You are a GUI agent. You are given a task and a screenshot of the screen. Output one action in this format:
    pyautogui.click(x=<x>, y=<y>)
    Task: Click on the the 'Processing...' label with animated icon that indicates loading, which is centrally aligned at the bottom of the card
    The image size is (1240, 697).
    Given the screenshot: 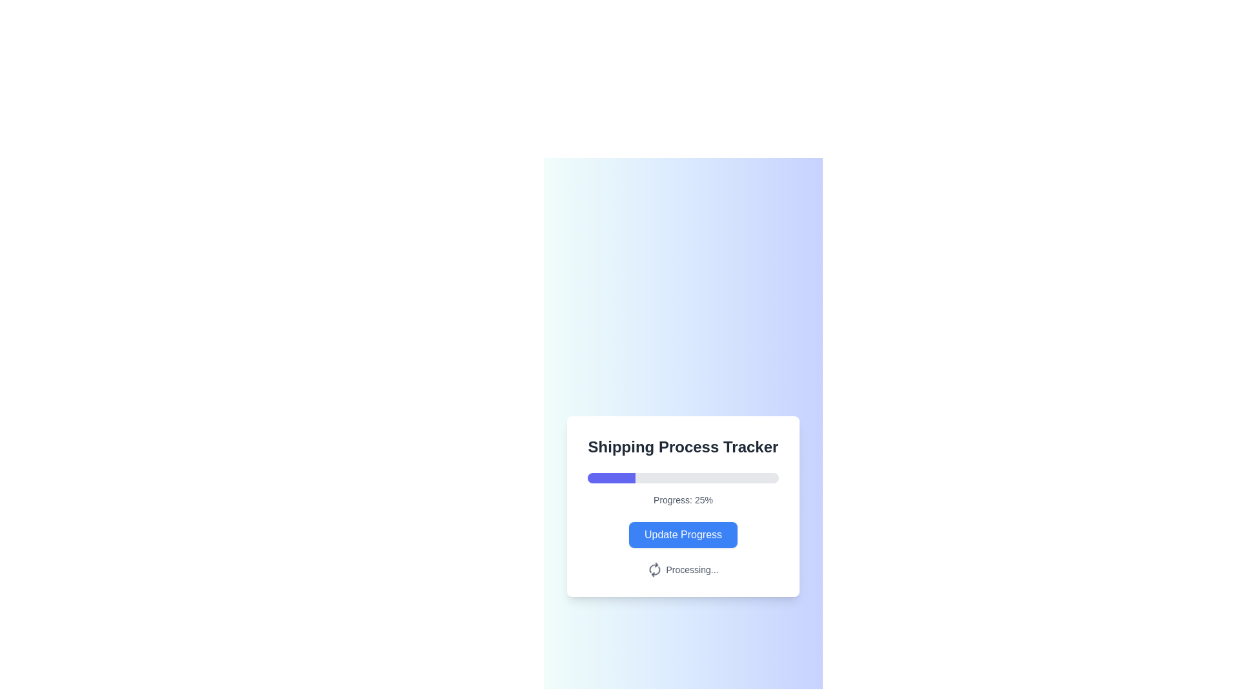 What is the action you would take?
    pyautogui.click(x=682, y=569)
    